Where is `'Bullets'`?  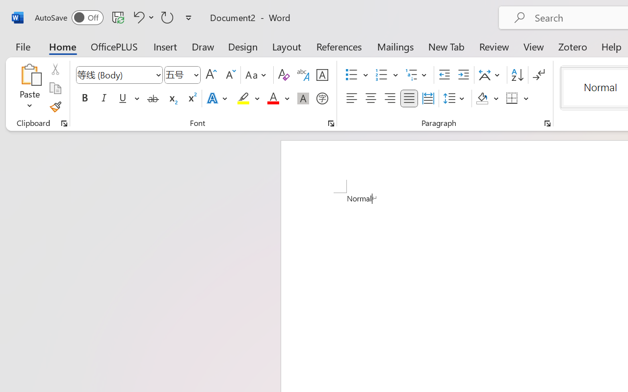
'Bullets' is located at coordinates (351, 75).